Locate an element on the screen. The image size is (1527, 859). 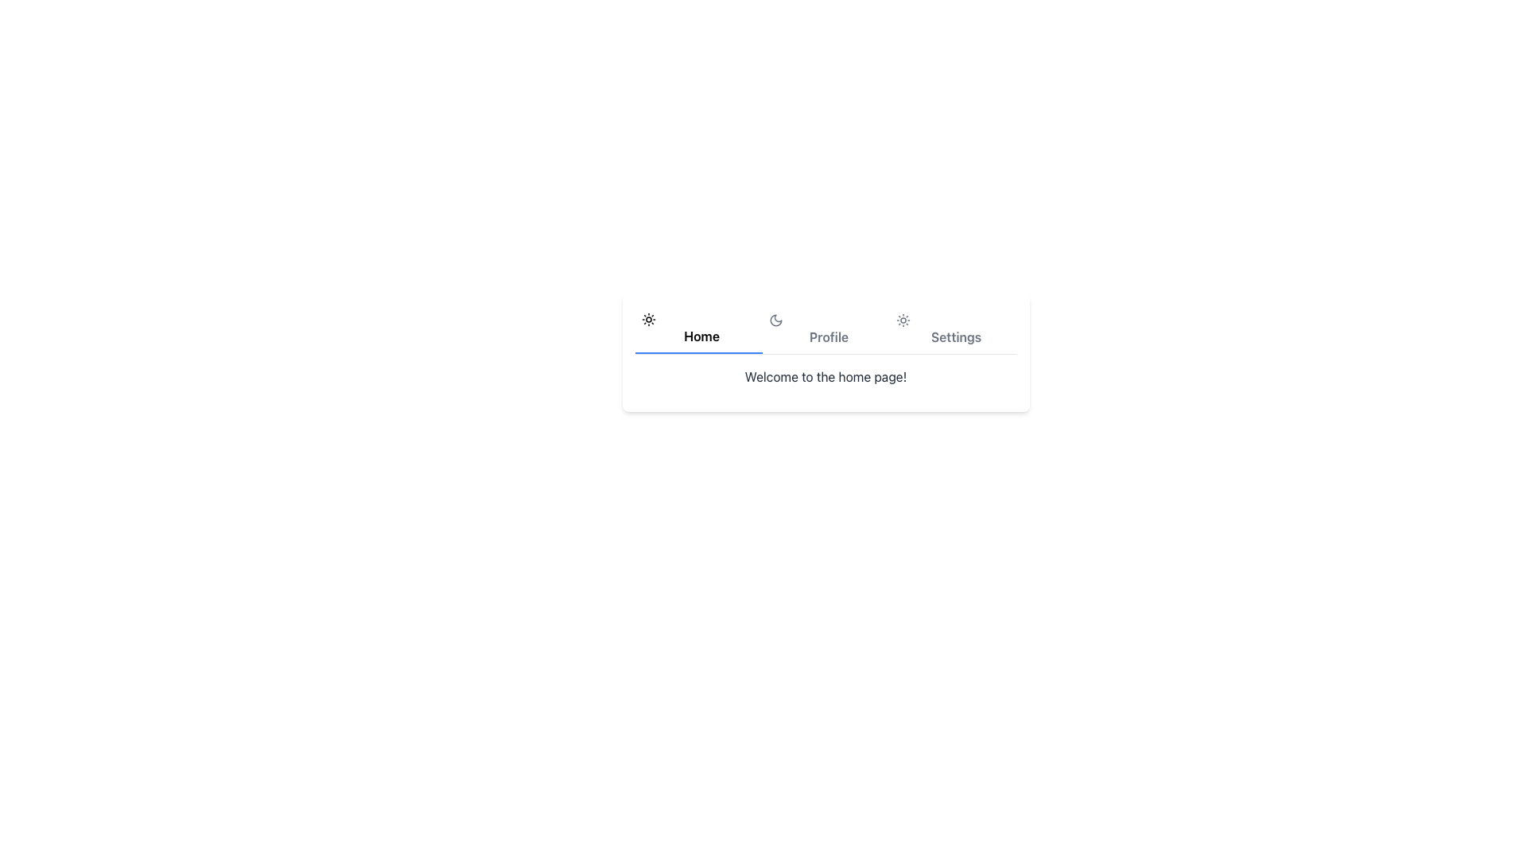
the 'Home' tab in the navigation bar is located at coordinates (698, 329).